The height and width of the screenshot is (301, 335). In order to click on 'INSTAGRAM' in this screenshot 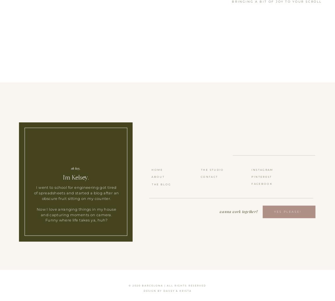, I will do `click(262, 169)`.